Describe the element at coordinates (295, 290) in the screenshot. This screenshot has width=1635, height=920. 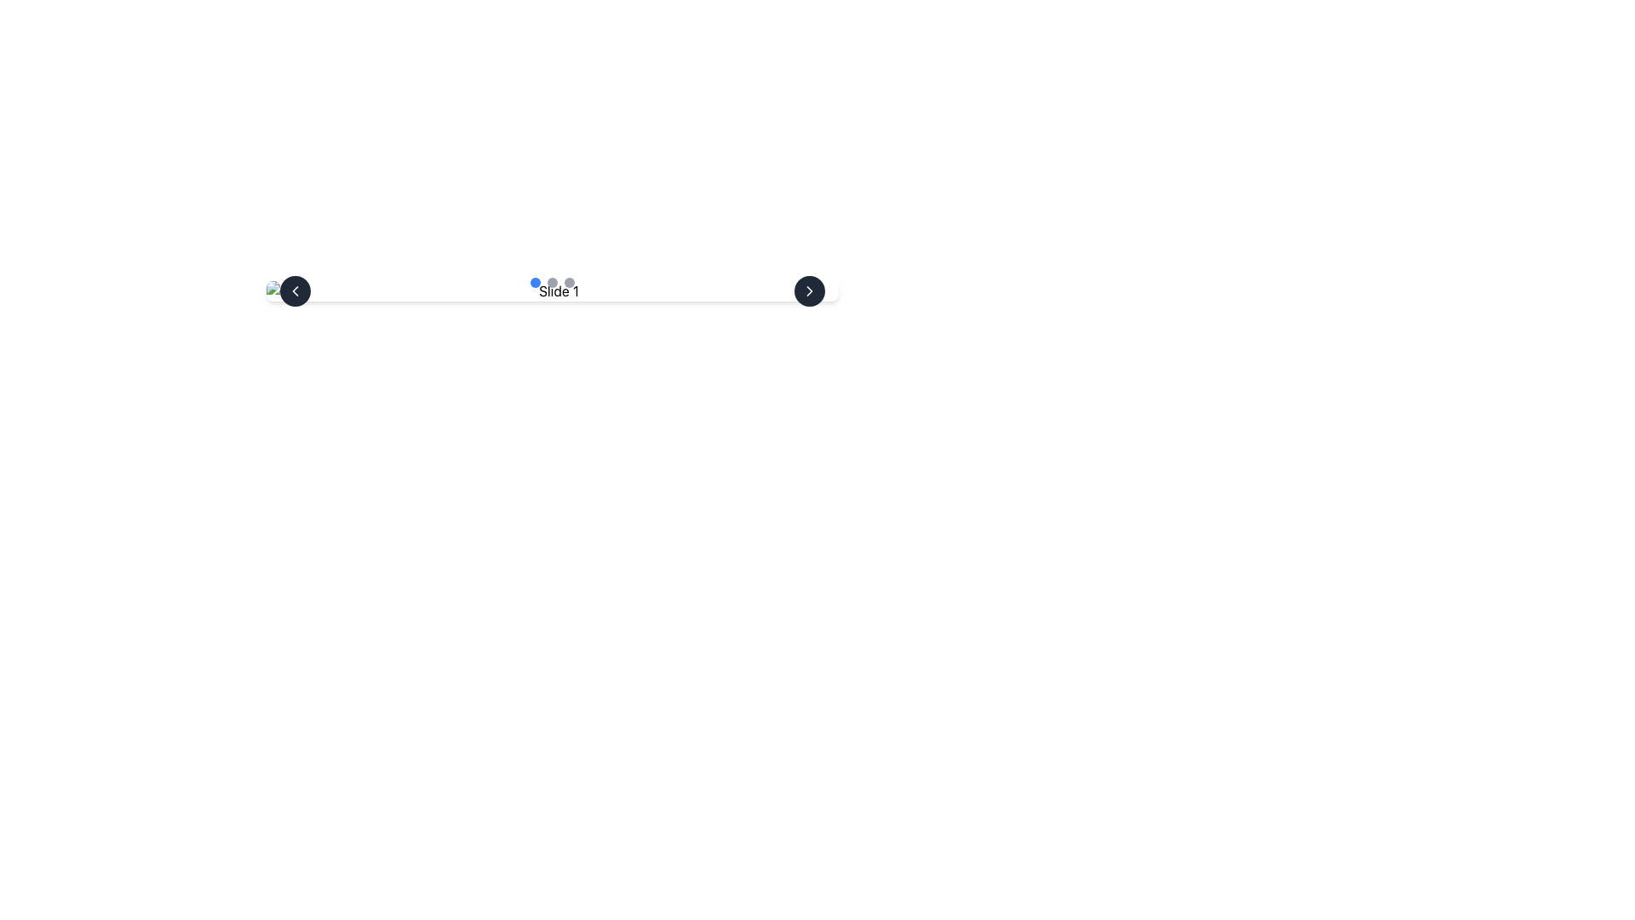
I see `the left-pointing arrow icon encapsulated in a circular button` at that location.